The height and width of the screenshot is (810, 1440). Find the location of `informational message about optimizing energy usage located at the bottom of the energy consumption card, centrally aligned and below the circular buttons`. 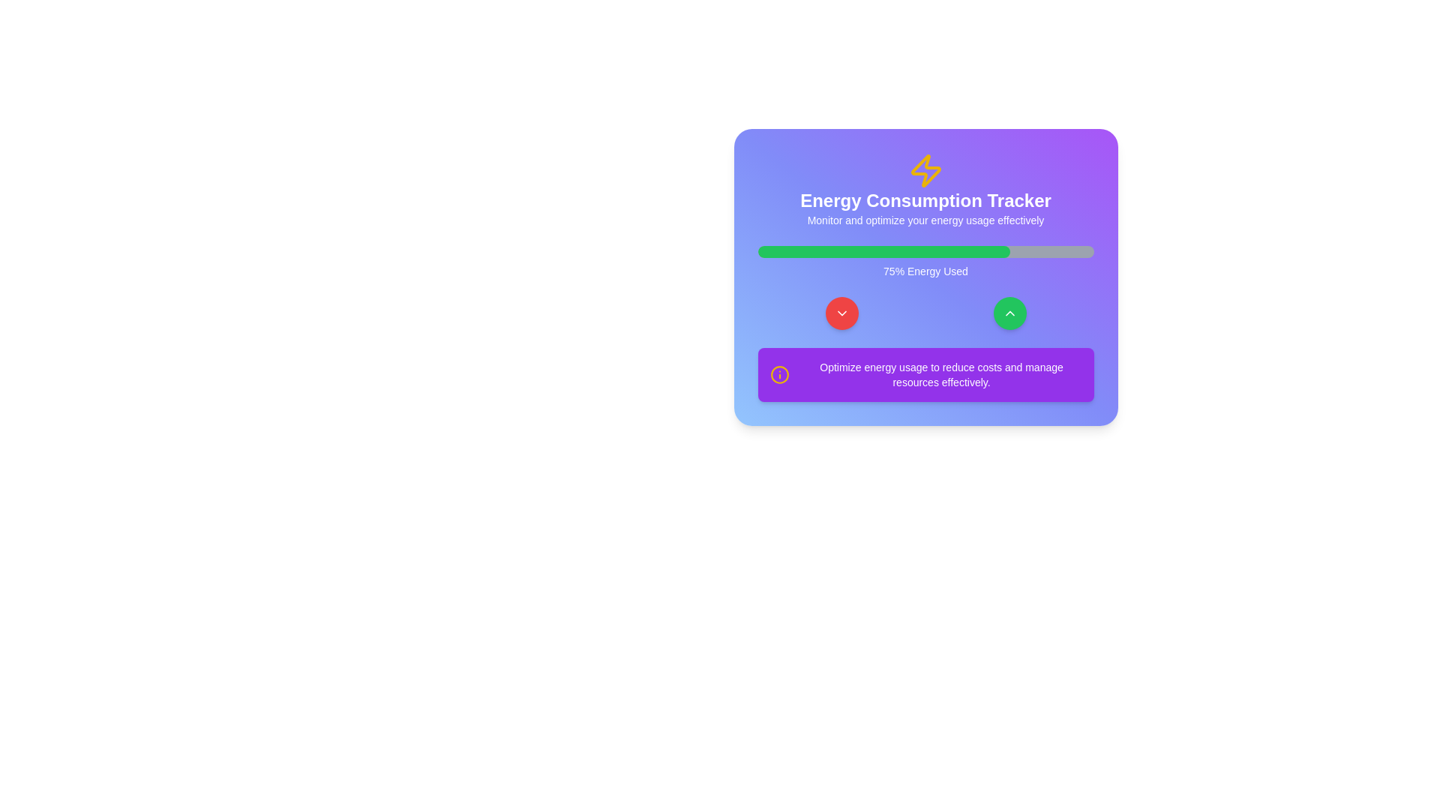

informational message about optimizing energy usage located at the bottom of the energy consumption card, centrally aligned and below the circular buttons is located at coordinates (925, 374).